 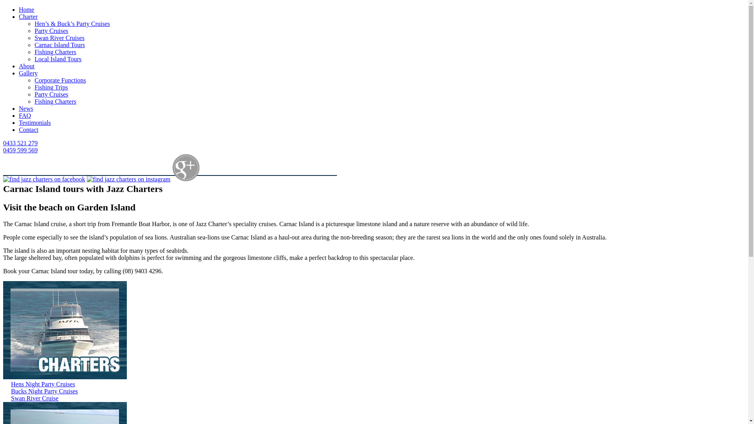 What do you see at coordinates (51, 94) in the screenshot?
I see `'Party Cruises'` at bounding box center [51, 94].